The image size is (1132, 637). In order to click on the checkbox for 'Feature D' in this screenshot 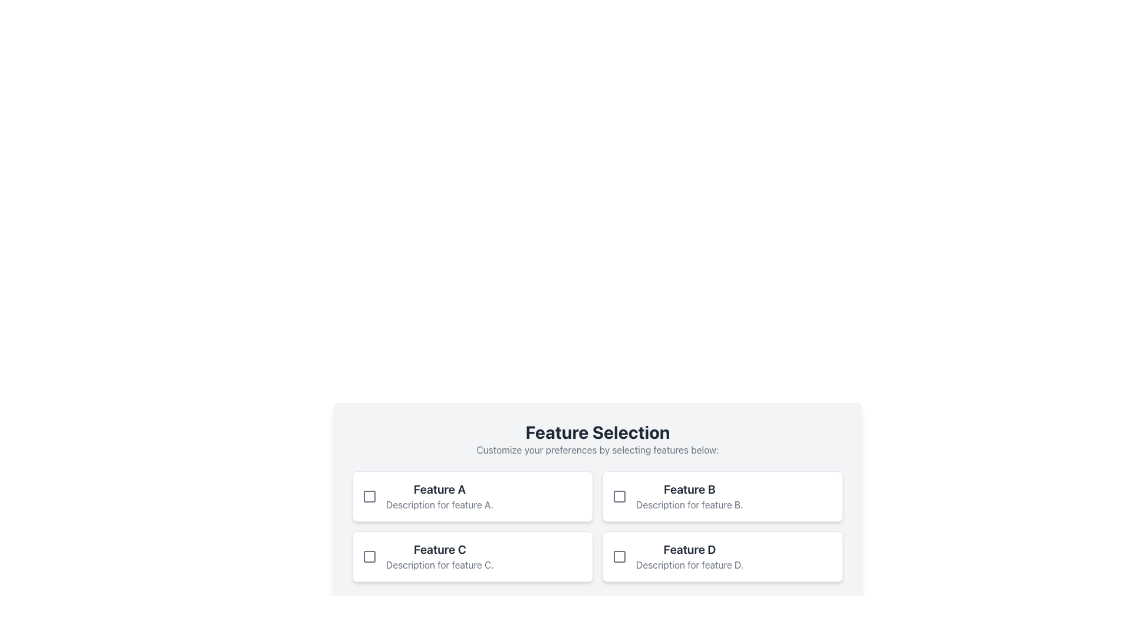, I will do `click(619, 557)`.